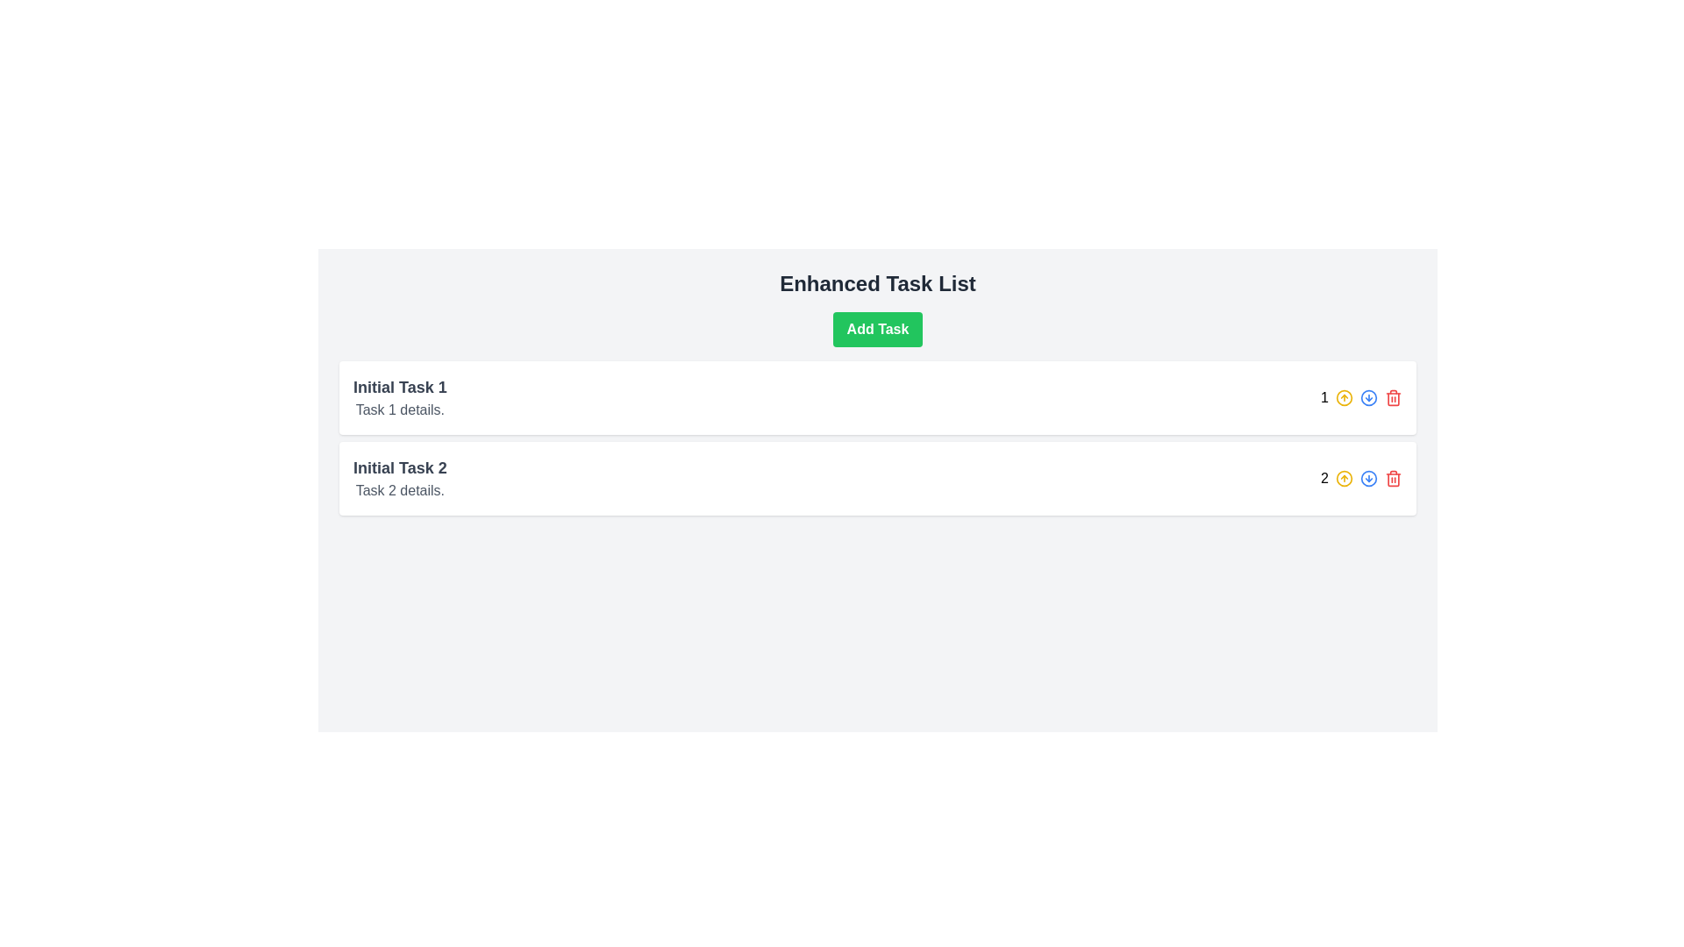  I want to click on the button to increase the priority of the task labeled '2', which is the first interactive icon in the horizontal row for the second task in the task list, so click(1343, 479).